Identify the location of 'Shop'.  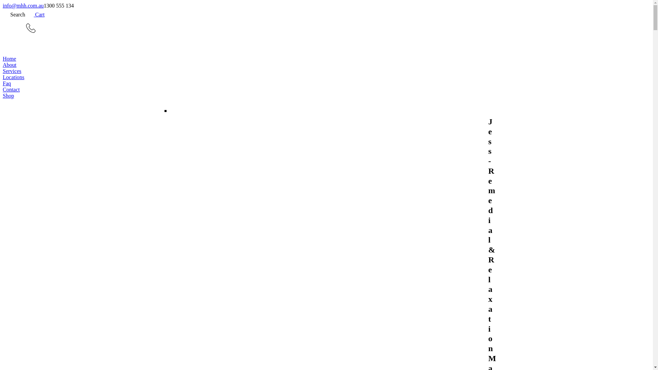
(326, 96).